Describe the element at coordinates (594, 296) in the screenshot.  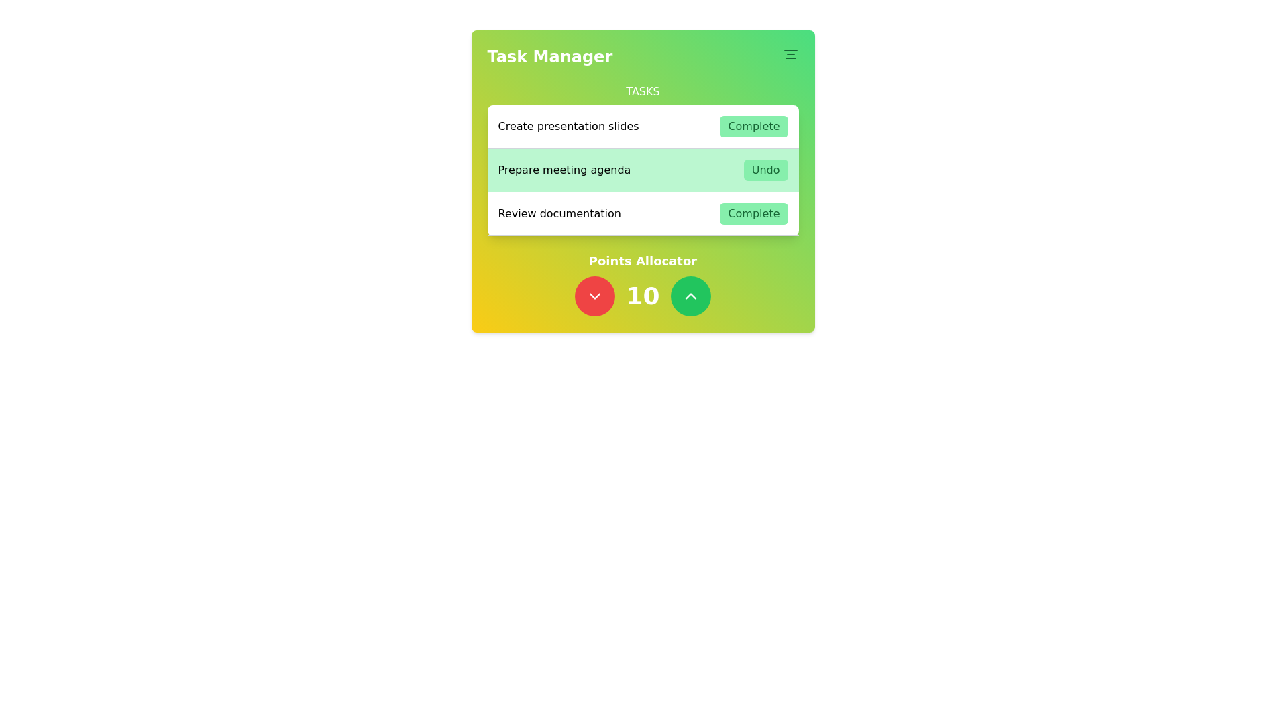
I see `the chevron-down icon with a bold red background located in the circular button at the bottom-left of the Points Allocator section in the Task Manager interface` at that location.